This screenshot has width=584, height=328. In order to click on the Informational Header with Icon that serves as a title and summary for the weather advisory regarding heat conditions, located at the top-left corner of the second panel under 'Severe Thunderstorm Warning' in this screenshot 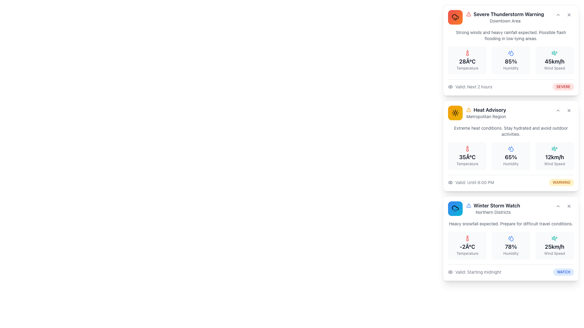, I will do `click(477, 113)`.